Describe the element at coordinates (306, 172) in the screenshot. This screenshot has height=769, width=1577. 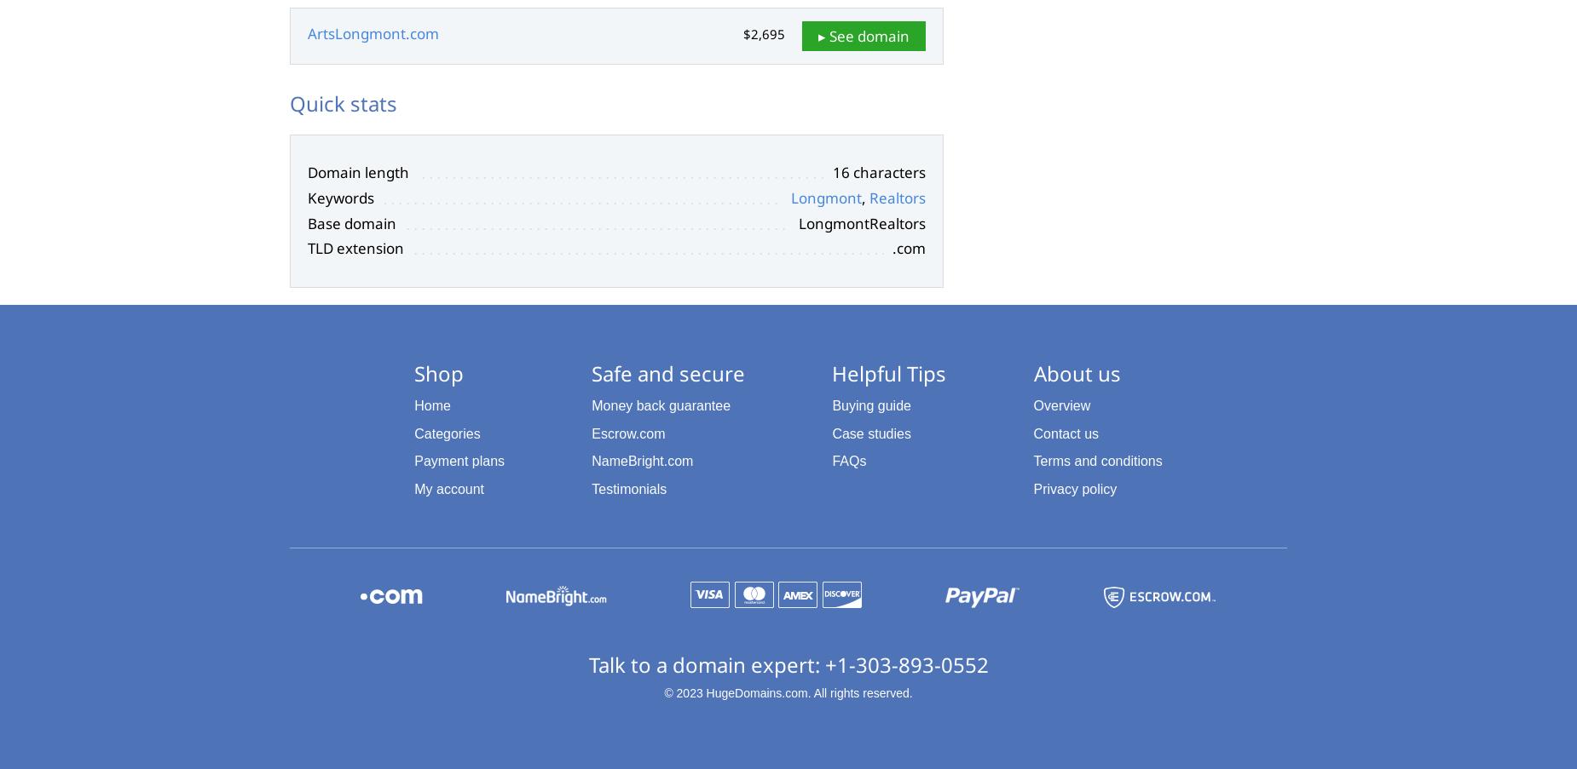
I see `'Domain length'` at that location.